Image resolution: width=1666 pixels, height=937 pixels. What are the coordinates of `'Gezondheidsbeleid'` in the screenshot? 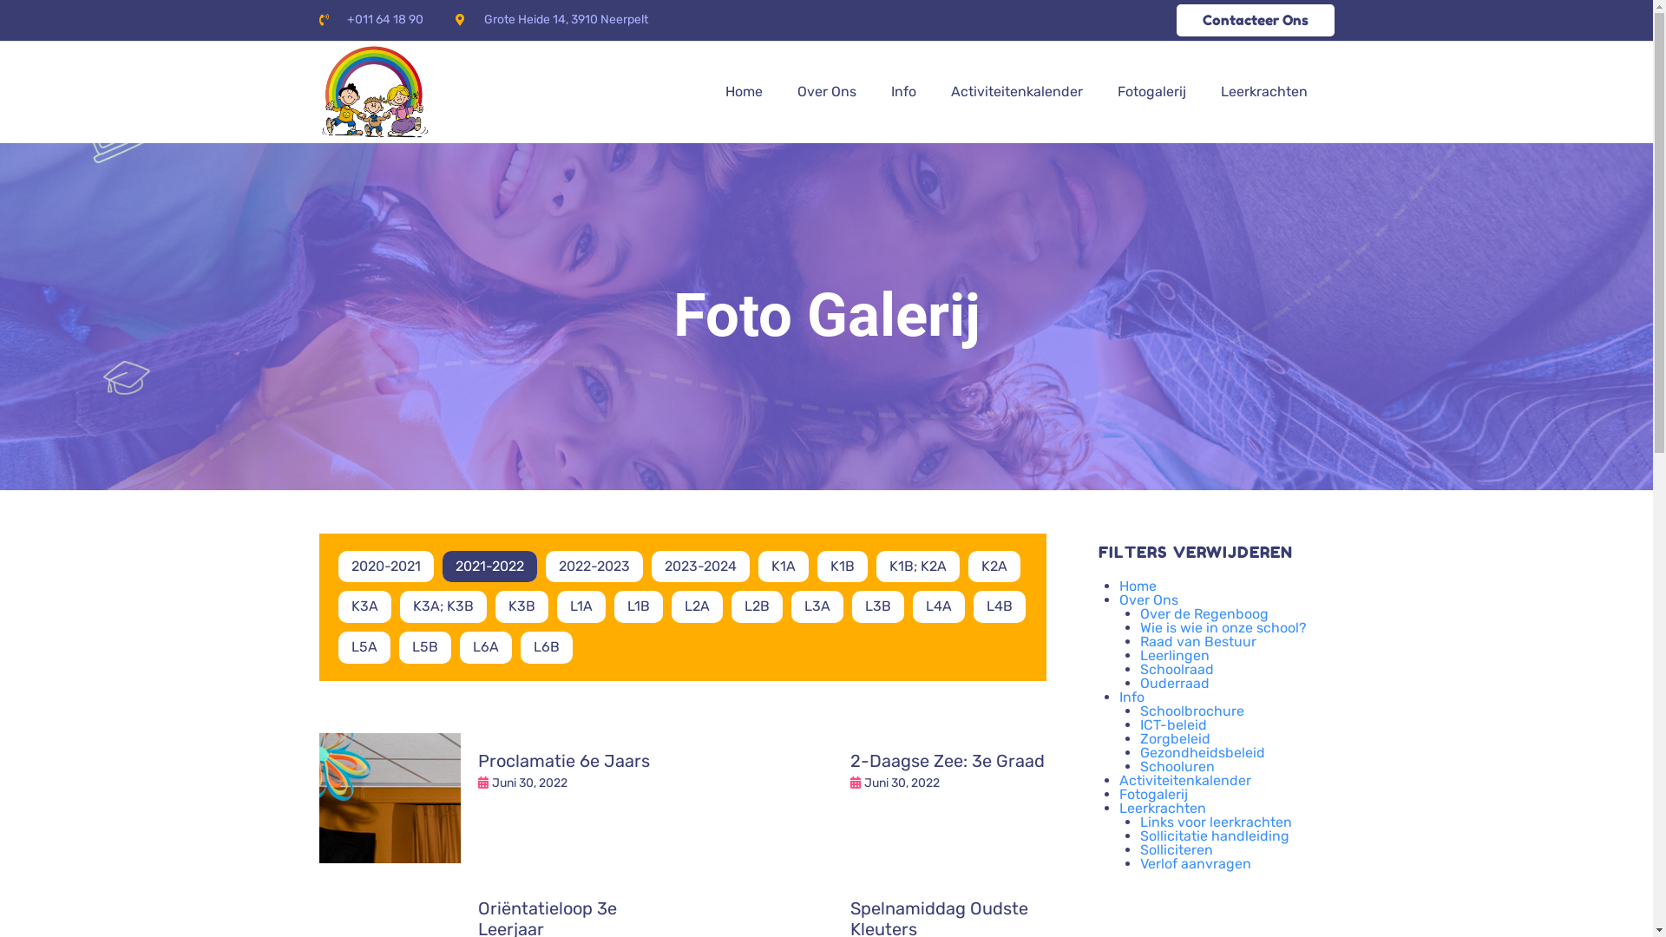 It's located at (1140, 751).